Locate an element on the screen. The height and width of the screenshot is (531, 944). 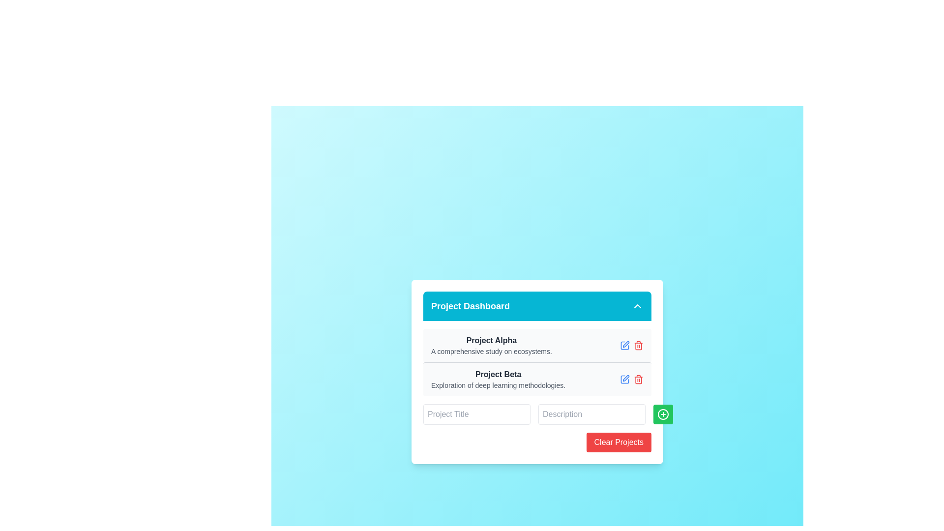
the green rounded button located at the bottom-right corner of the inner card interface, which features a plus sign icon is located at coordinates (663, 414).